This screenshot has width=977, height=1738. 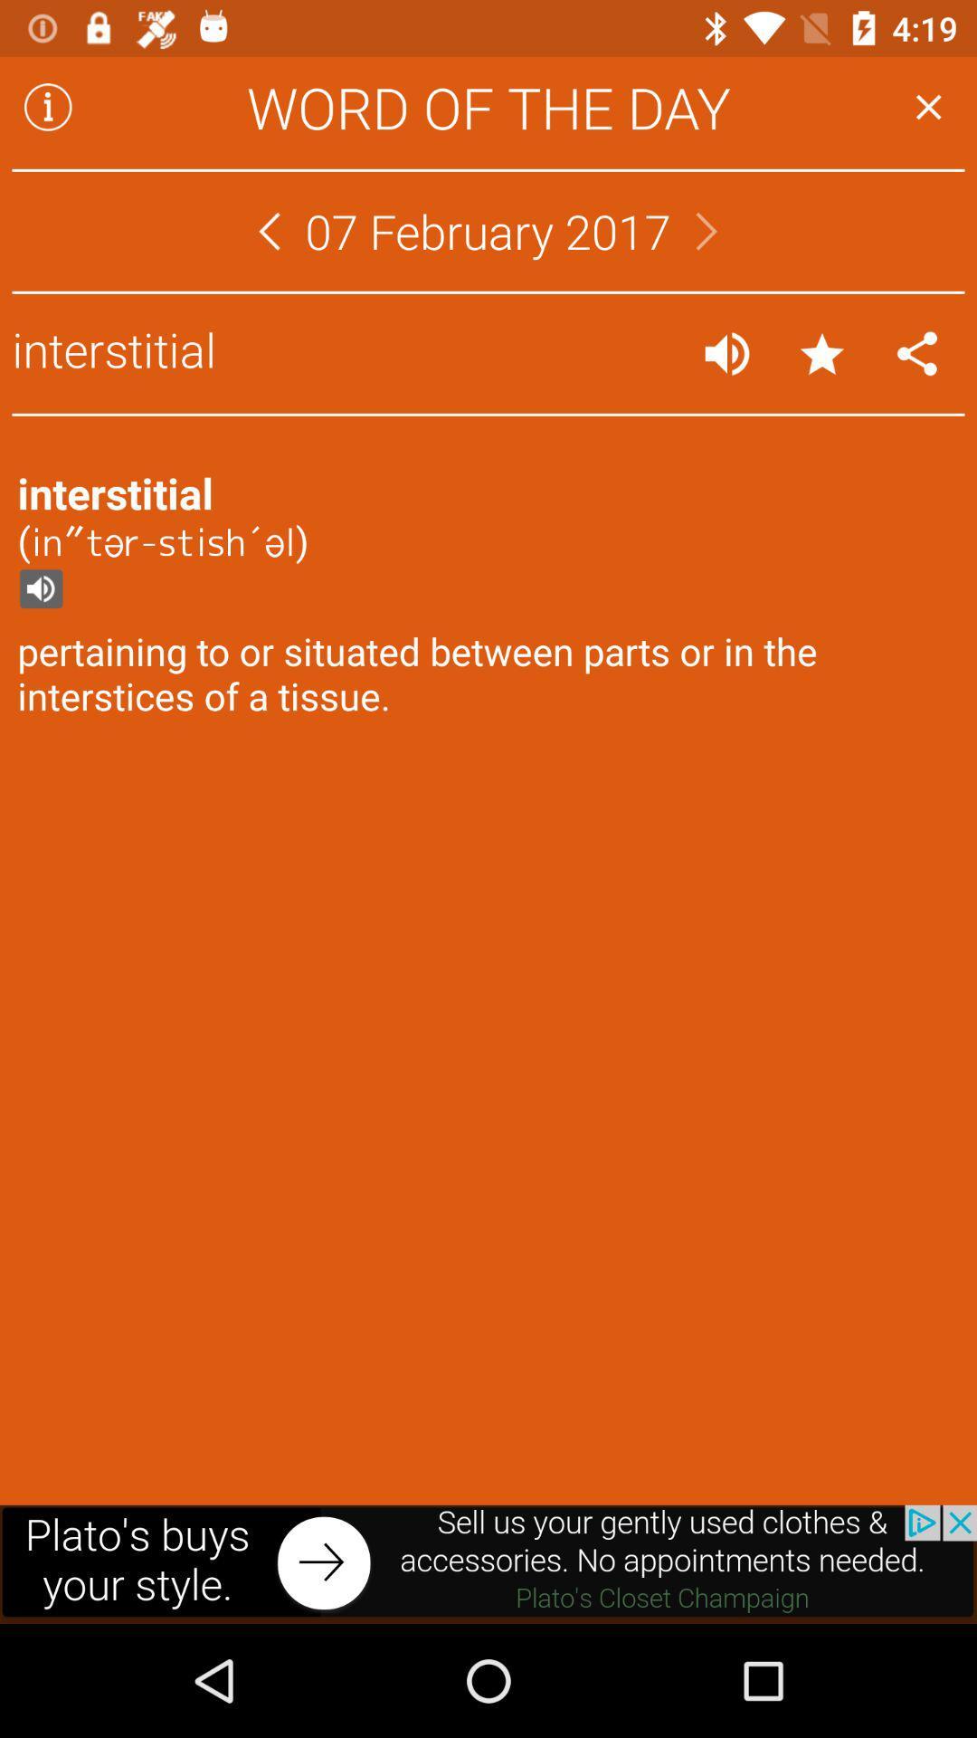 I want to click on next day, so click(x=706, y=230).